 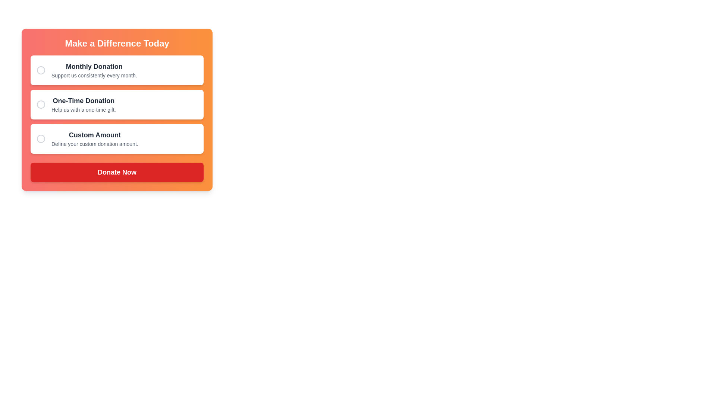 I want to click on the 'One-Time Donation' header text label, which is located in the second donation option box, below 'Monthly Donation' and above 'Custom Amount', so click(x=84, y=100).